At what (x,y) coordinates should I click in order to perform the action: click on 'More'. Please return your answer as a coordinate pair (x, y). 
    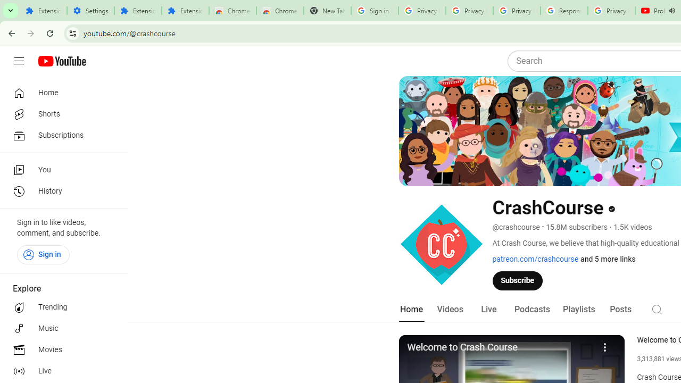
    Looking at the image, I should click on (605, 346).